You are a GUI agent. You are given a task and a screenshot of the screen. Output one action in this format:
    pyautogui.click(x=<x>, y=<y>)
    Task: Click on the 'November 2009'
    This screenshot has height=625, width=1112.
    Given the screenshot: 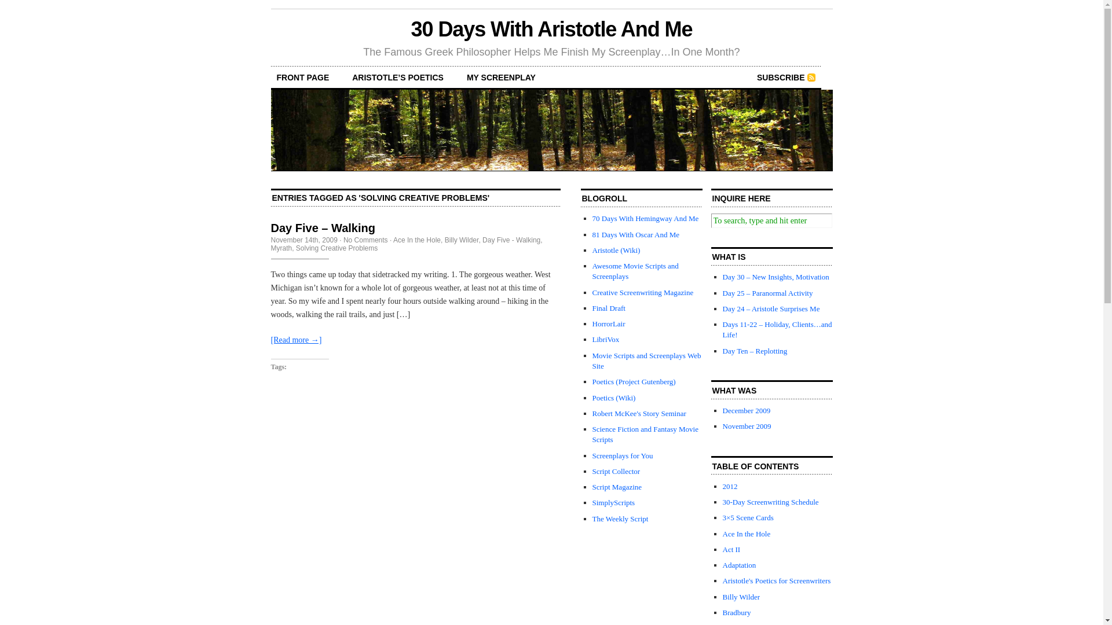 What is the action you would take?
    pyautogui.click(x=747, y=426)
    